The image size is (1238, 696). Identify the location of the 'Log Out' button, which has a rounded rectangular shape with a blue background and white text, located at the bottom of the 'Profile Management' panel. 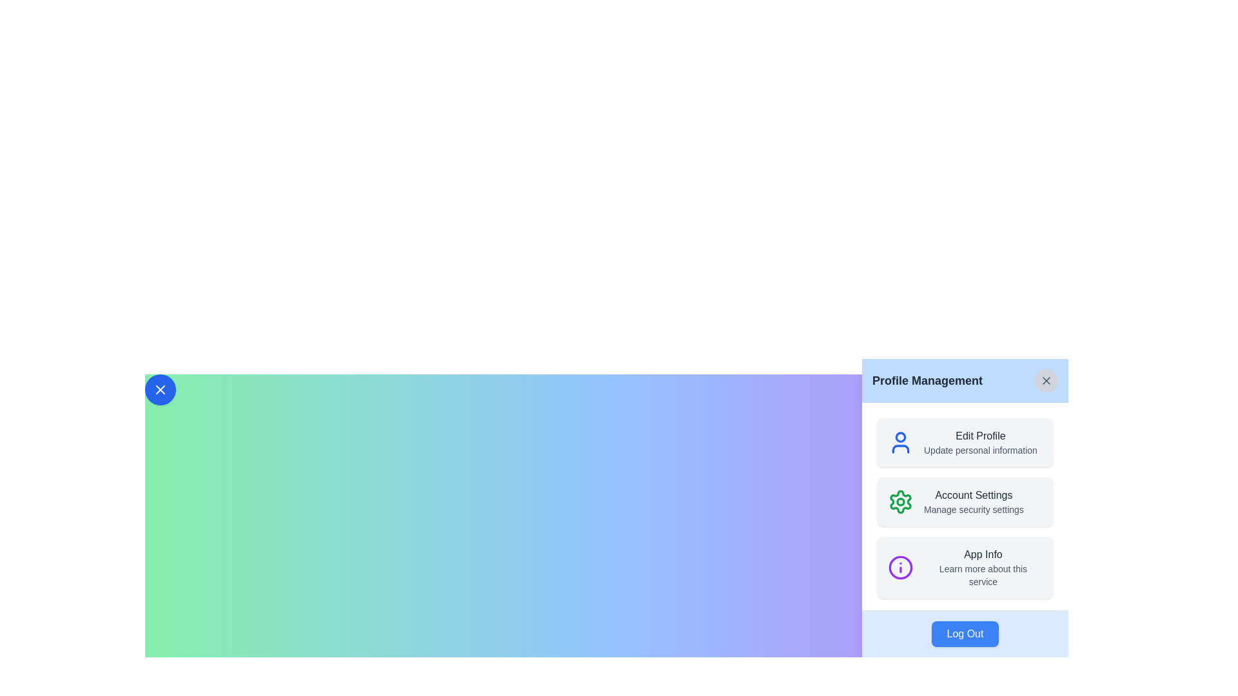
(965, 633).